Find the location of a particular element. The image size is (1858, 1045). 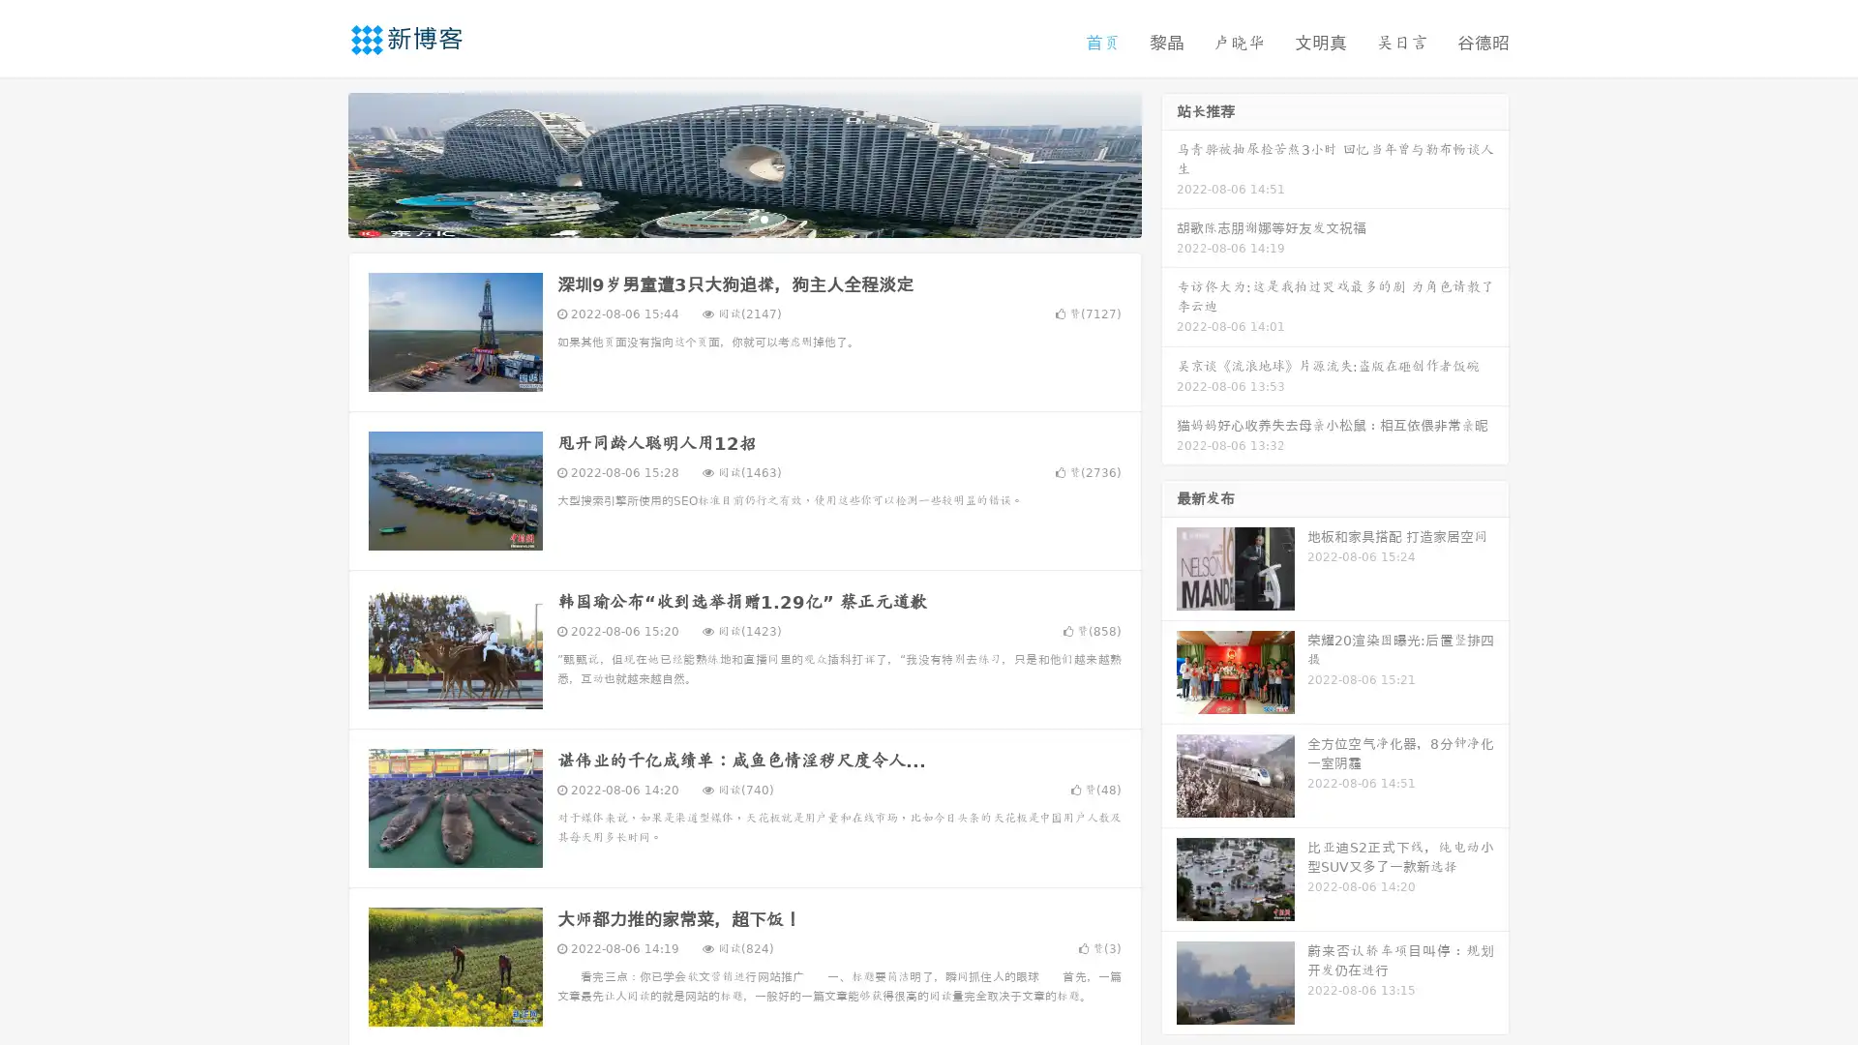

Go to slide 1 is located at coordinates (724, 218).